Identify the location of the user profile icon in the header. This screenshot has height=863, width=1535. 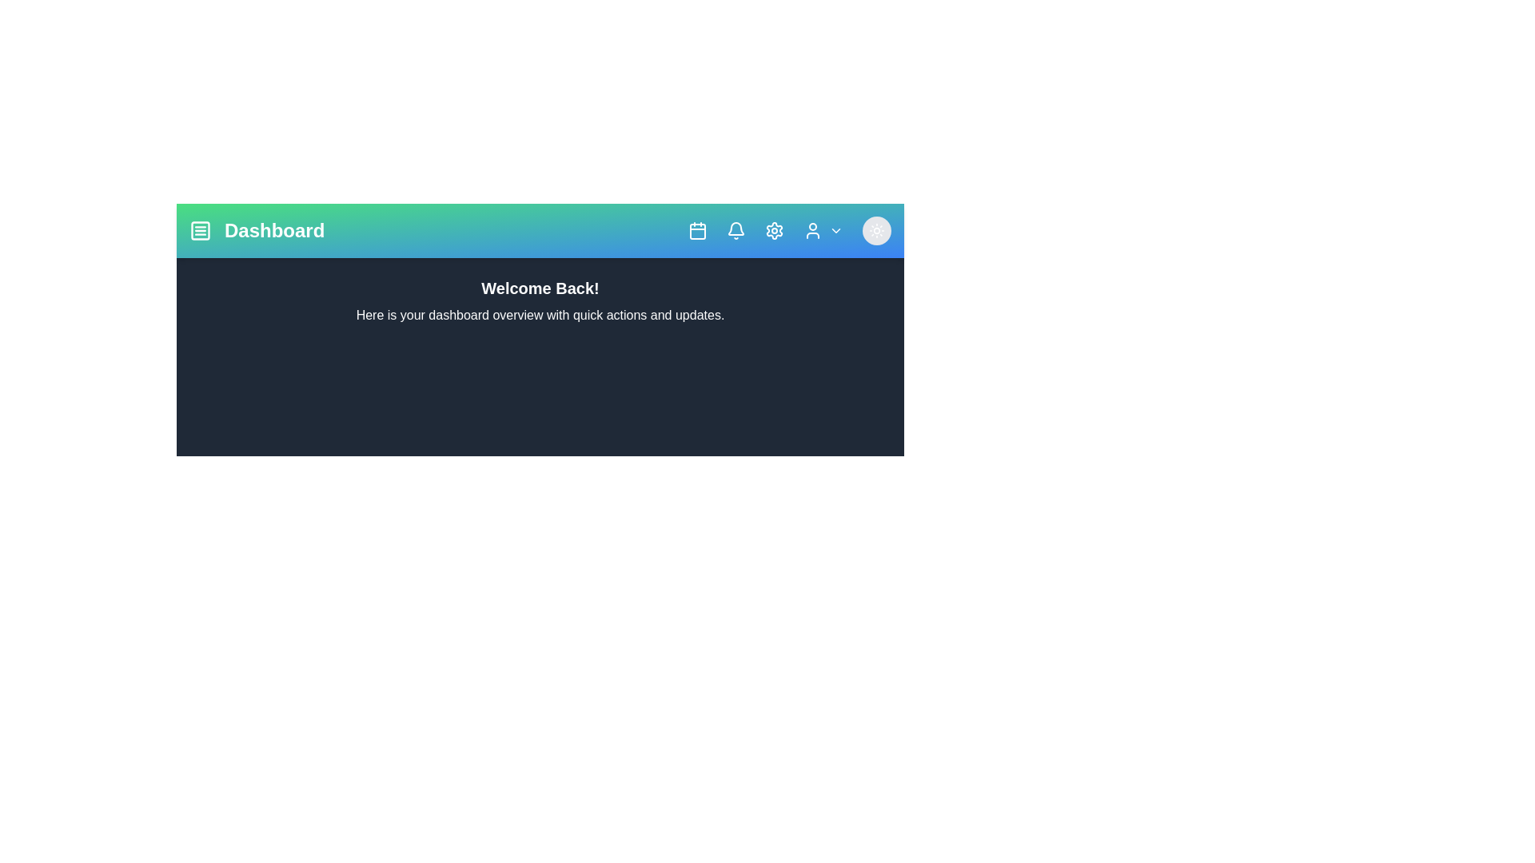
(813, 231).